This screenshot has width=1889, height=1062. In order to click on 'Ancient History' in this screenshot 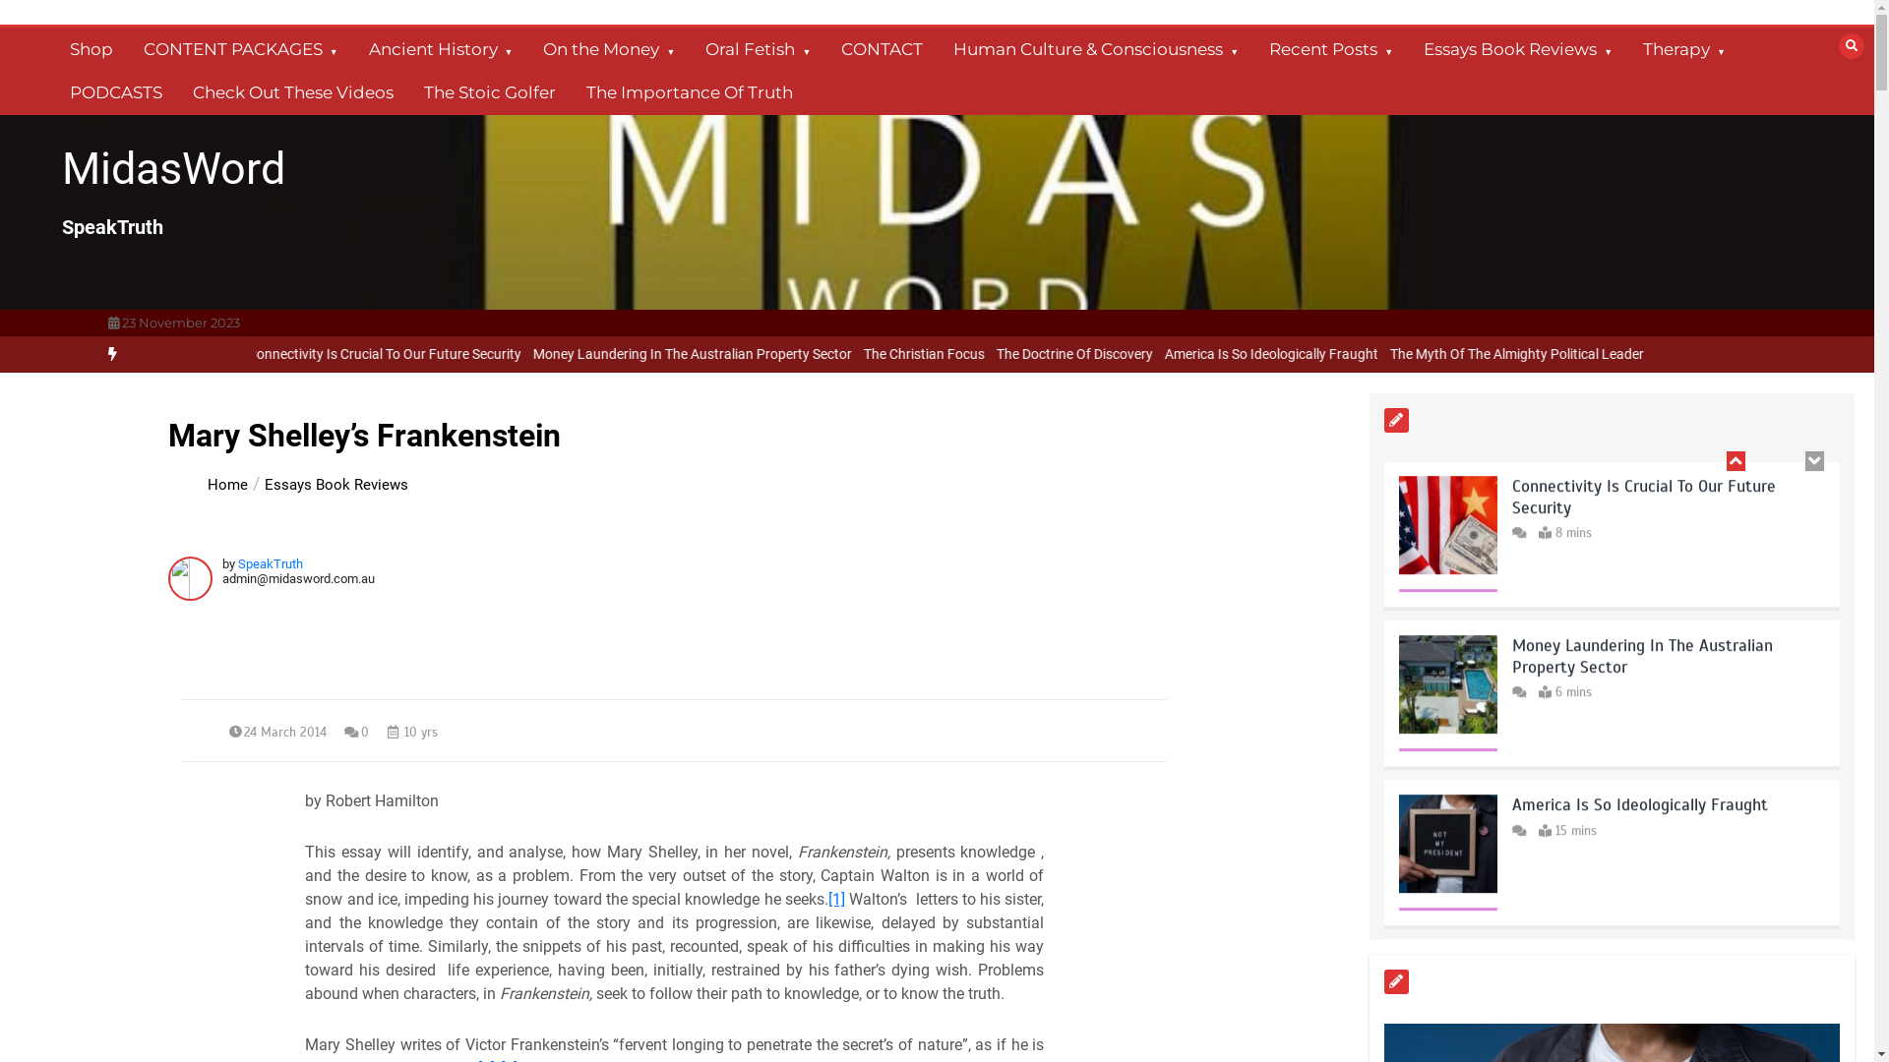, I will do `click(440, 48)`.